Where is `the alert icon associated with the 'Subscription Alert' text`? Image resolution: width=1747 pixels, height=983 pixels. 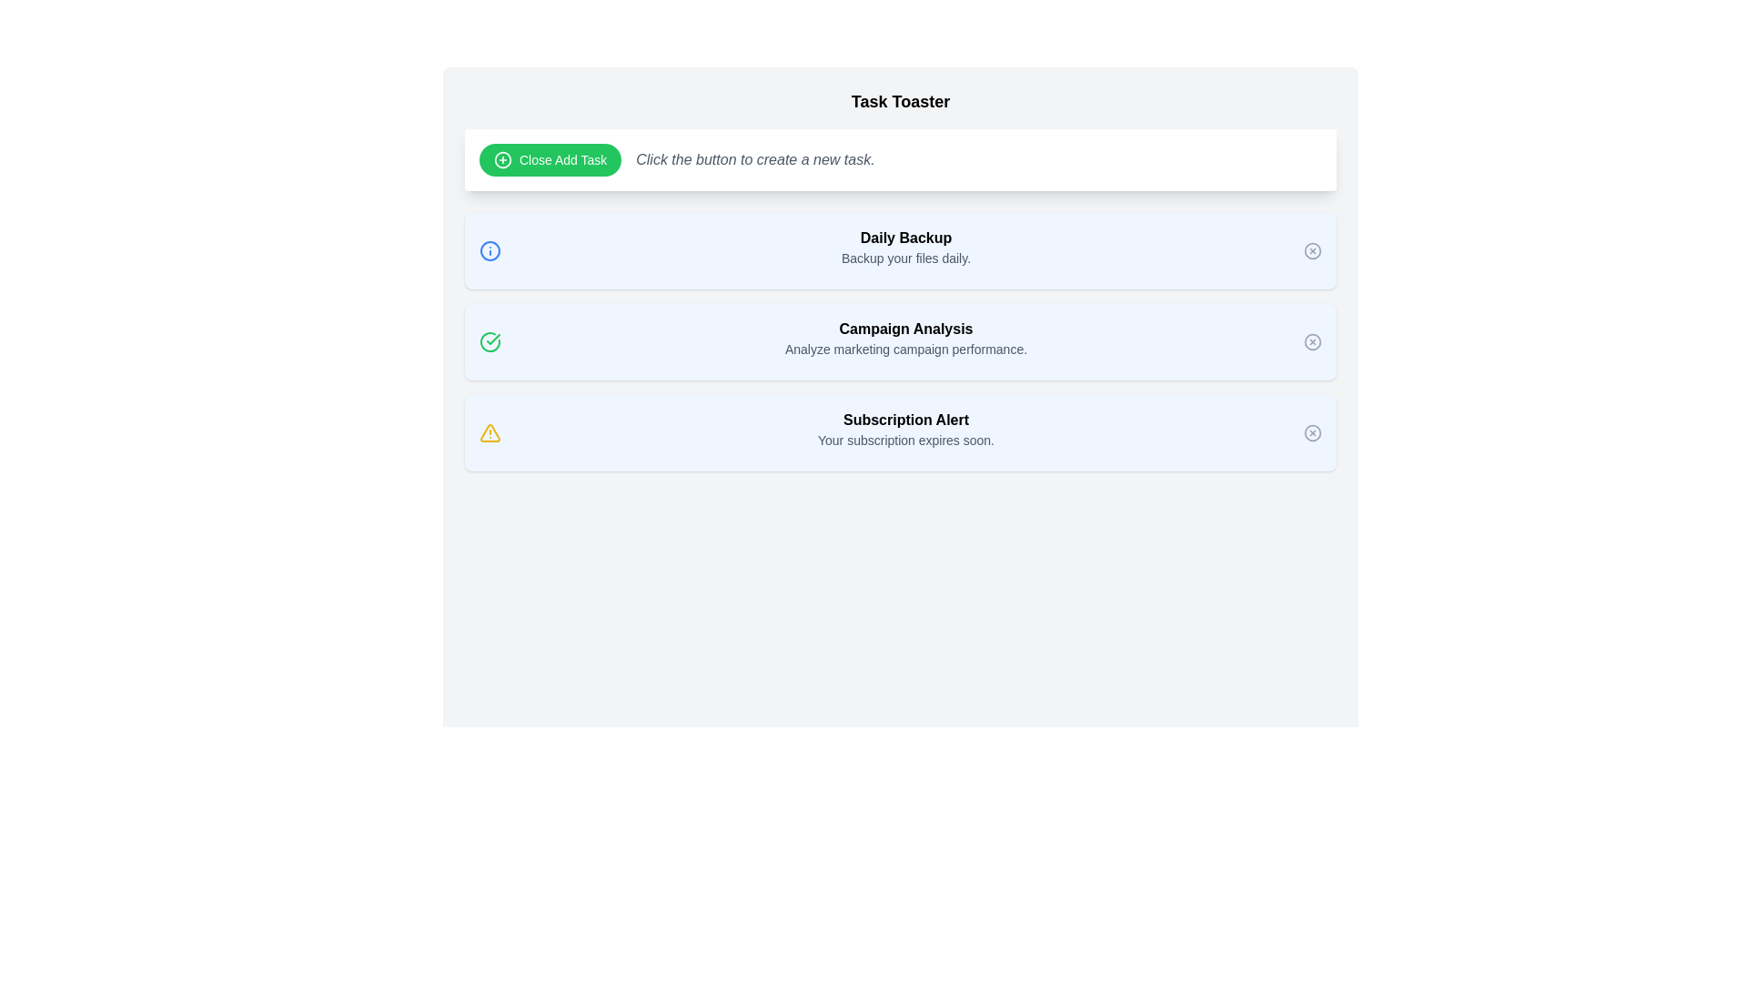
the alert icon associated with the 'Subscription Alert' text is located at coordinates (490, 432).